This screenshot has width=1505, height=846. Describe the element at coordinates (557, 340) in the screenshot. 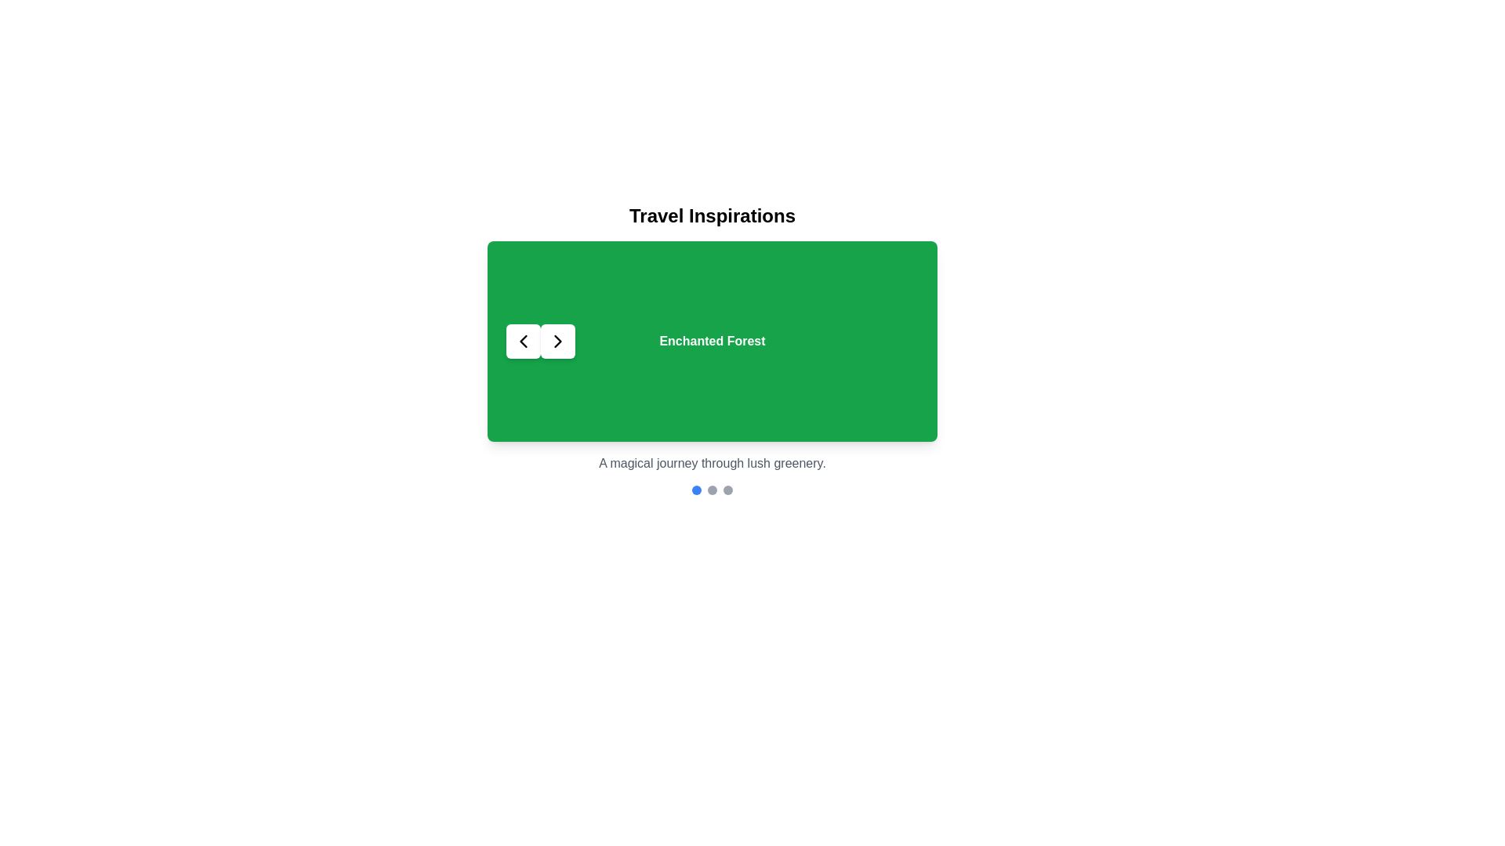

I see `the right arrow icon located within the chevron right navigation button at the lower left of the main green card section` at that location.